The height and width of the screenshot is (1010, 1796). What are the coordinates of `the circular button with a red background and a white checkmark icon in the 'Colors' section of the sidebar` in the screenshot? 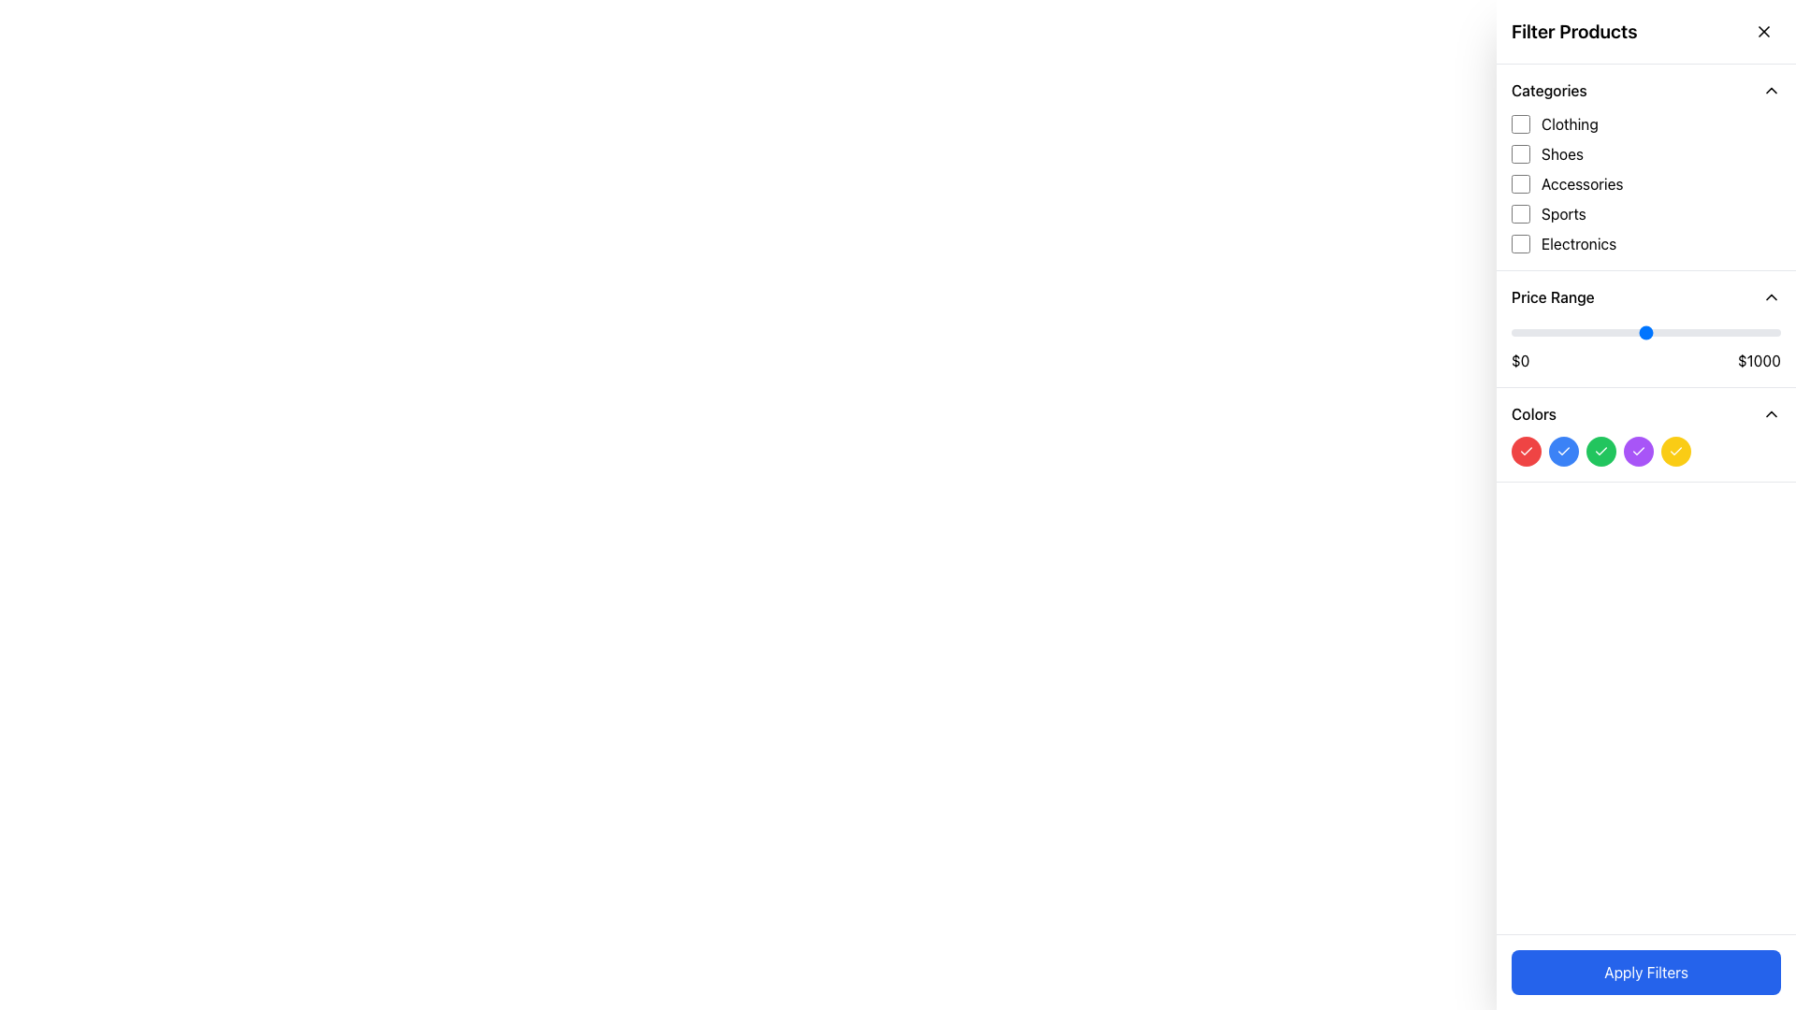 It's located at (1527, 451).